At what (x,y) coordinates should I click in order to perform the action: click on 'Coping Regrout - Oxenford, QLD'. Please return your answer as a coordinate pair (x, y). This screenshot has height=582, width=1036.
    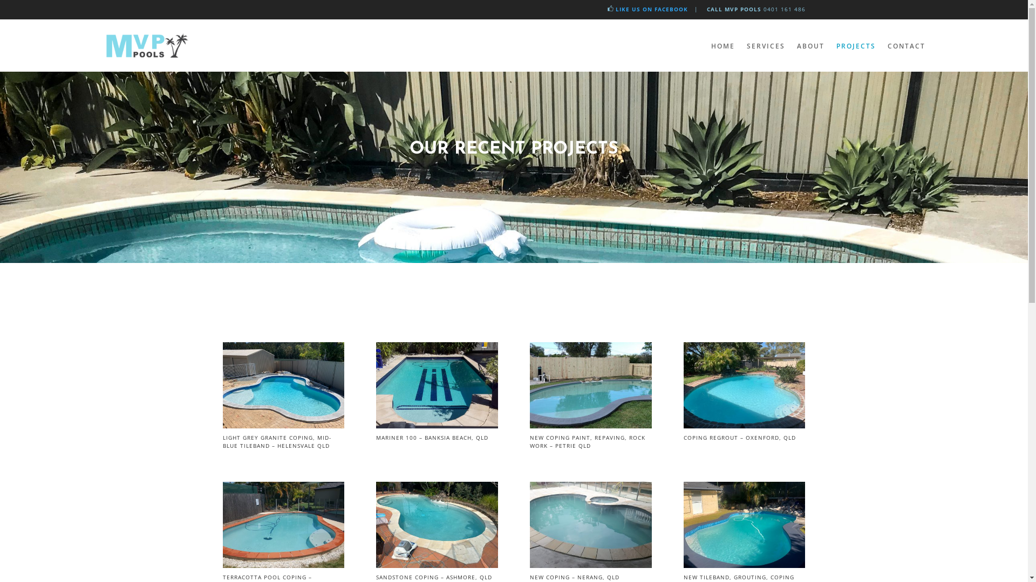
    Looking at the image, I should click on (744, 425).